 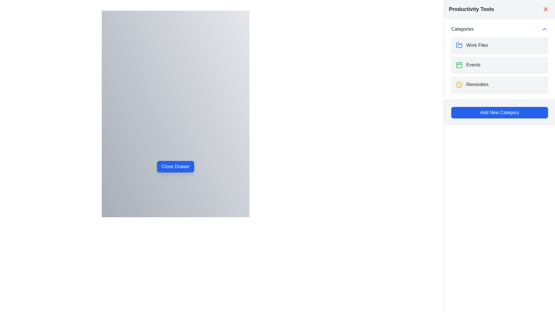 What do you see at coordinates (545, 9) in the screenshot?
I see `the close button on the far right of the 'Productivity Tools' header` at bounding box center [545, 9].